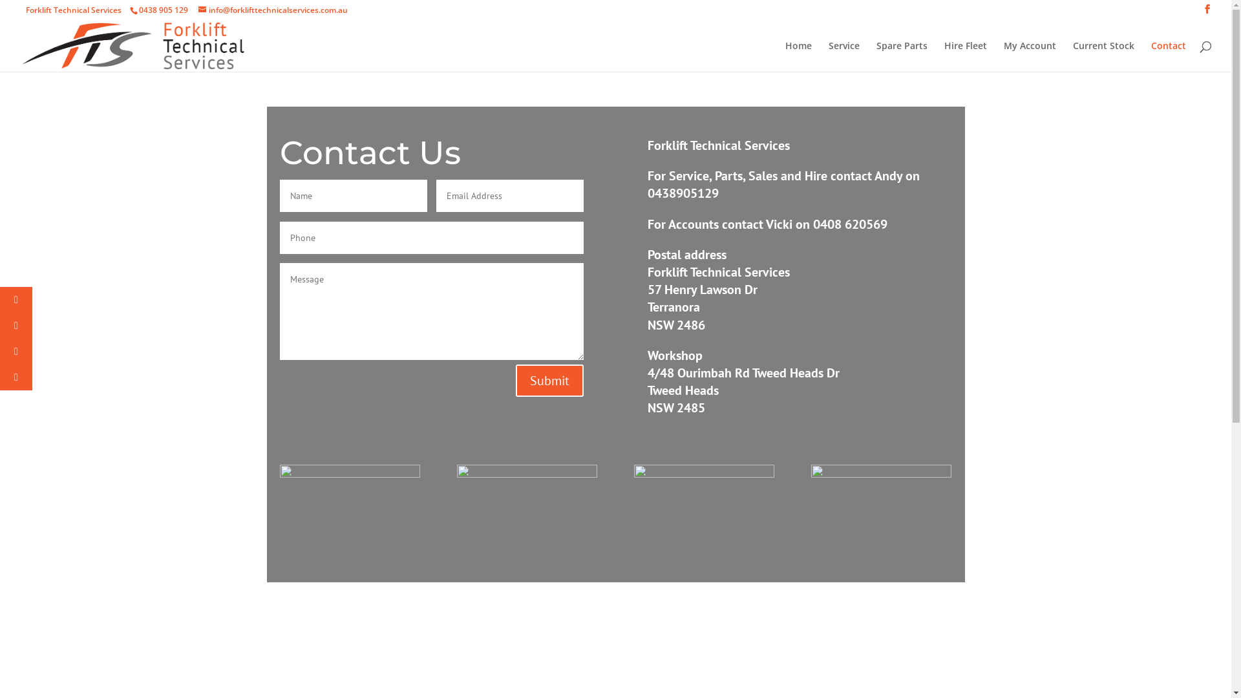  I want to click on '0438 905 129', so click(162, 10).